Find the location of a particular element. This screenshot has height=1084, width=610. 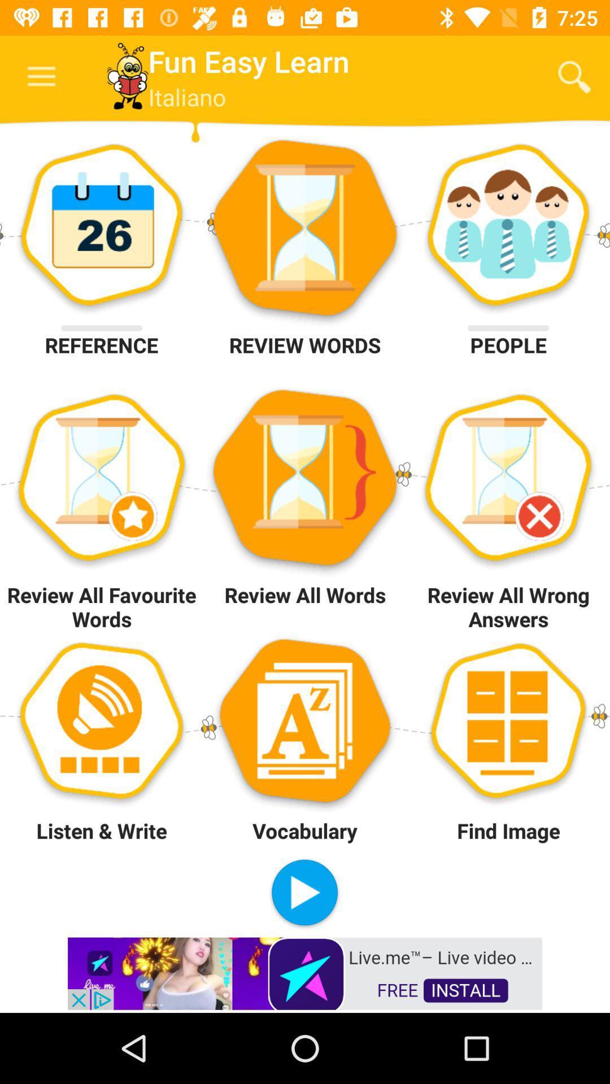

play is located at coordinates (304, 893).